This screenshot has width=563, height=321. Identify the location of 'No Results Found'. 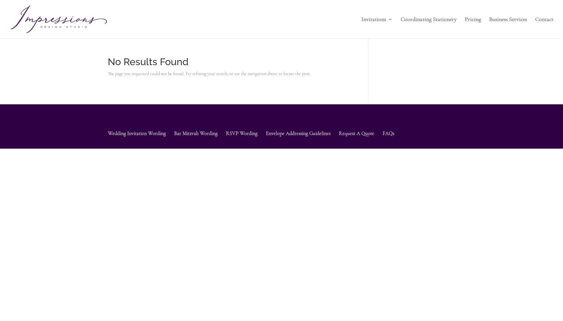
(107, 61).